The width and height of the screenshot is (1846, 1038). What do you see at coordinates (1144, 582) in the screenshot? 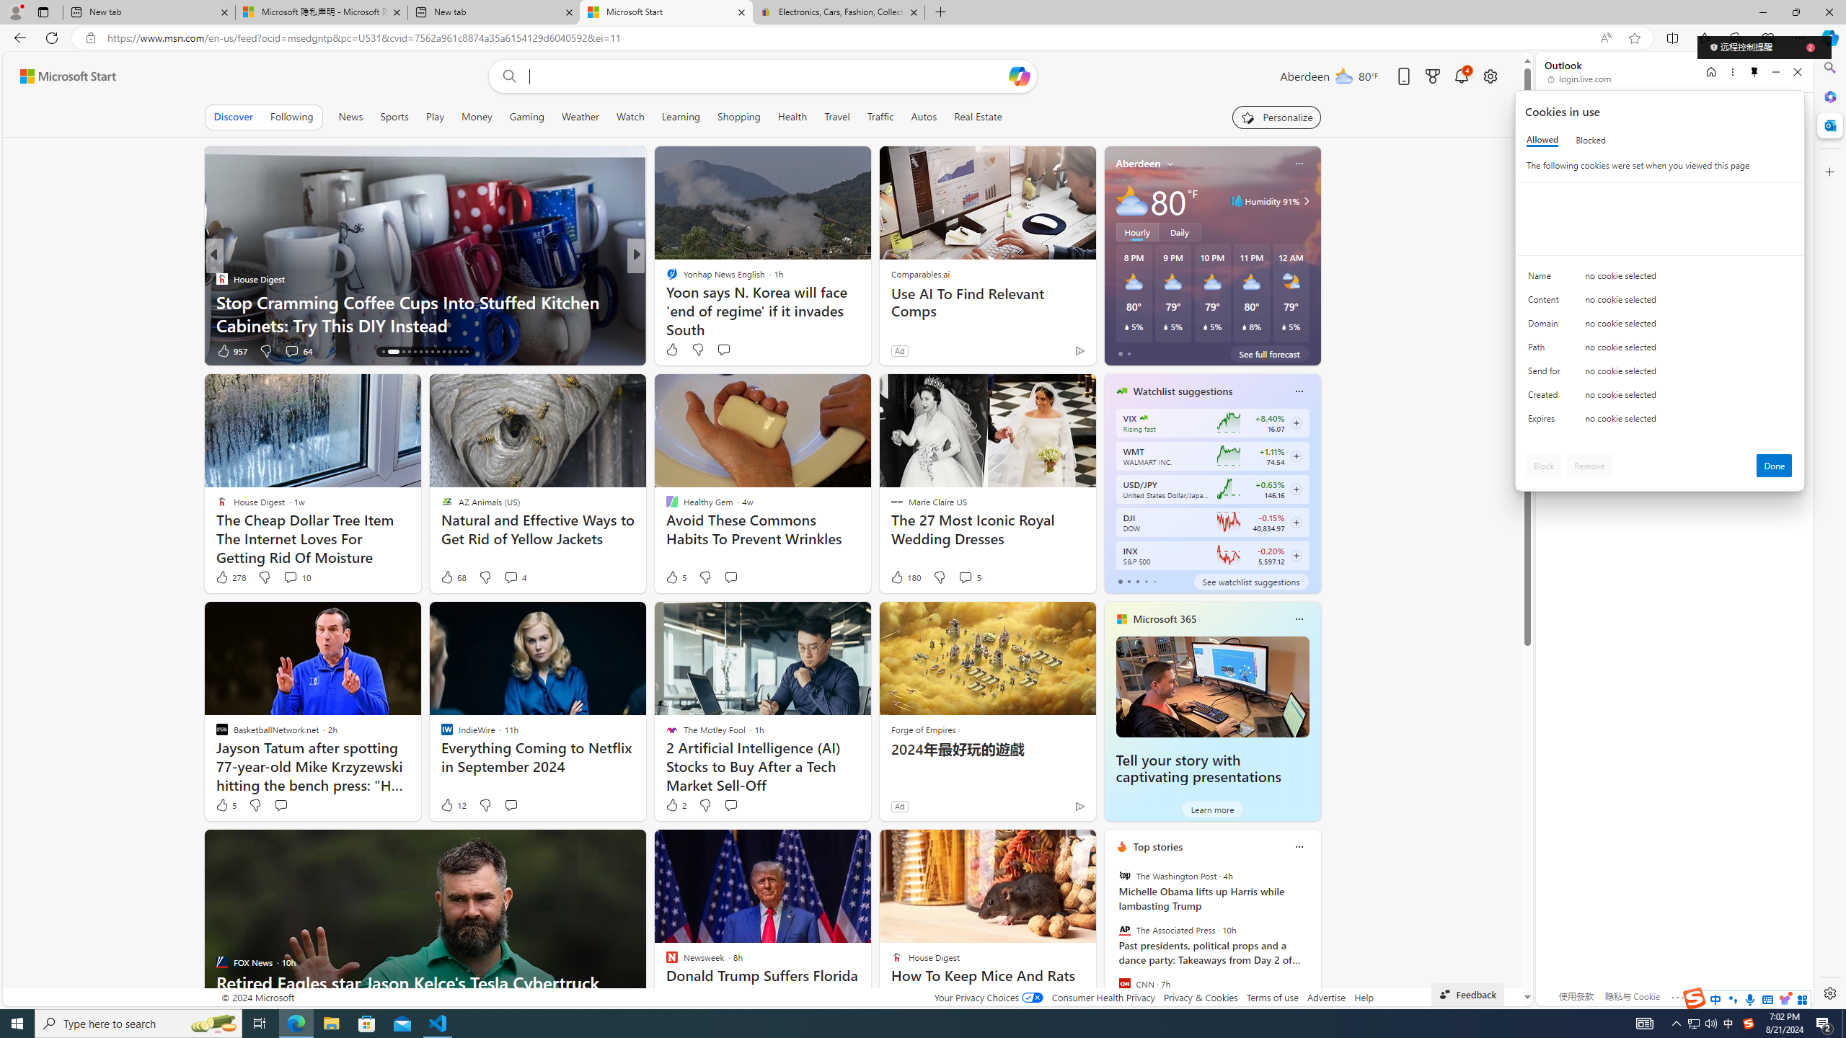
I see `'tab-3'` at bounding box center [1144, 582].